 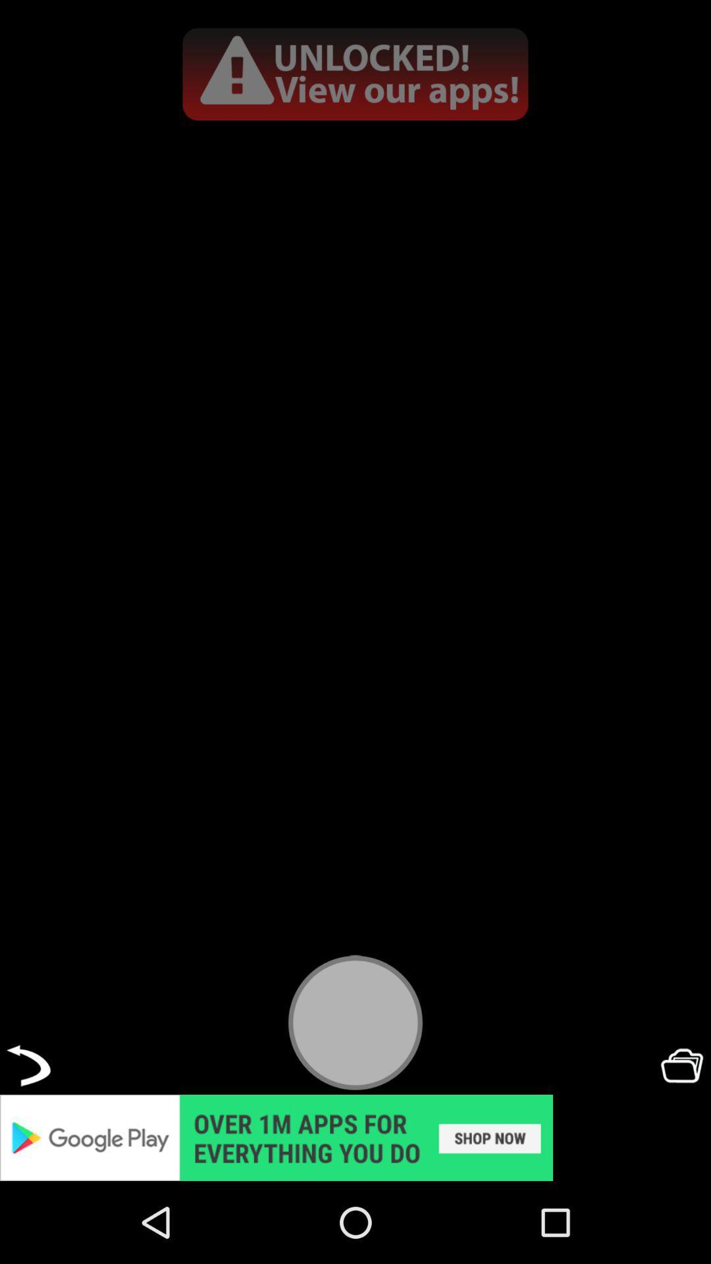 What do you see at coordinates (681, 1065) in the screenshot?
I see `open gallery` at bounding box center [681, 1065].